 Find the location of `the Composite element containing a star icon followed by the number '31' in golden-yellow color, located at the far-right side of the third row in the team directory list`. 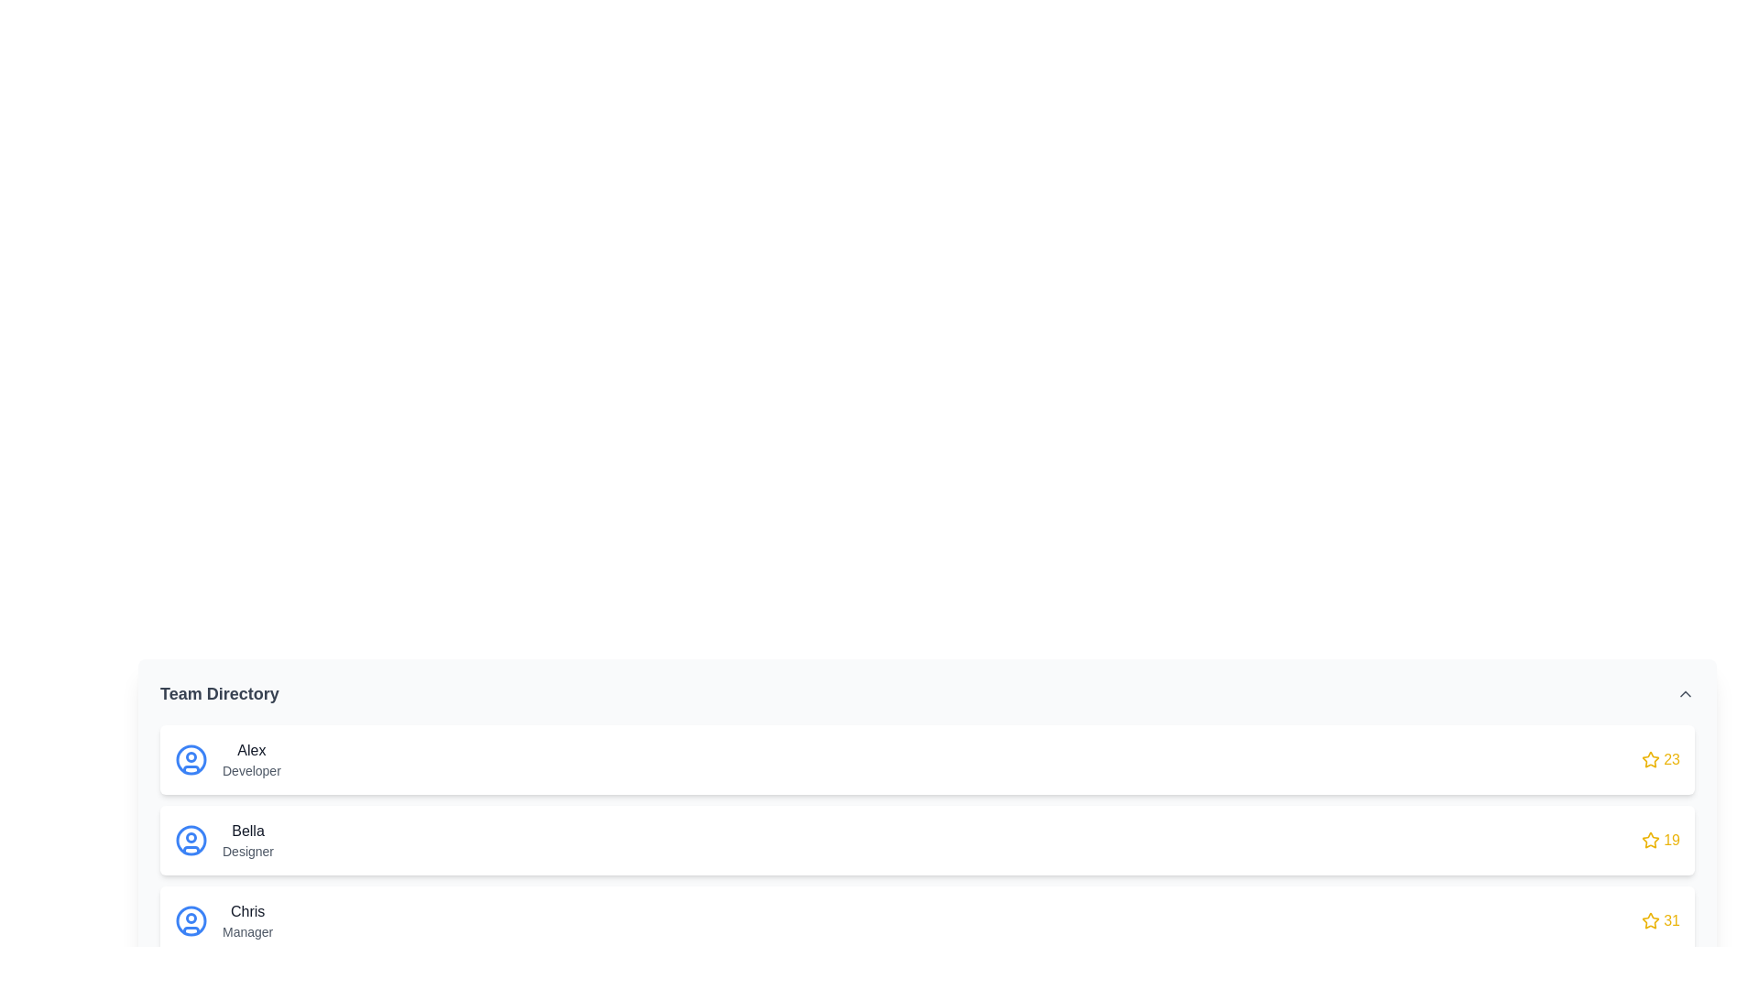

the Composite element containing a star icon followed by the number '31' in golden-yellow color, located at the far-right side of the third row in the team directory list is located at coordinates (1661, 921).